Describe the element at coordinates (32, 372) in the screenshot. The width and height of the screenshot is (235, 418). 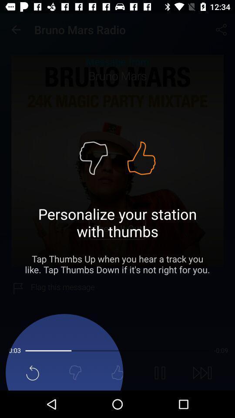
I see `refresh icon` at that location.